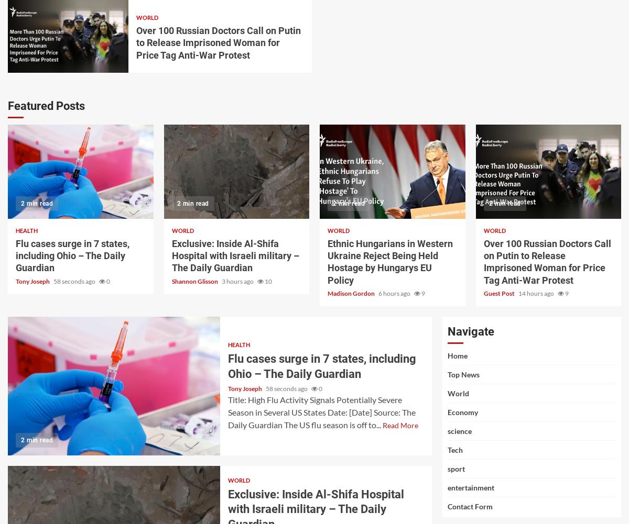 This screenshot has width=629, height=524. I want to click on 'Tony Joseph', so click(33, 280).